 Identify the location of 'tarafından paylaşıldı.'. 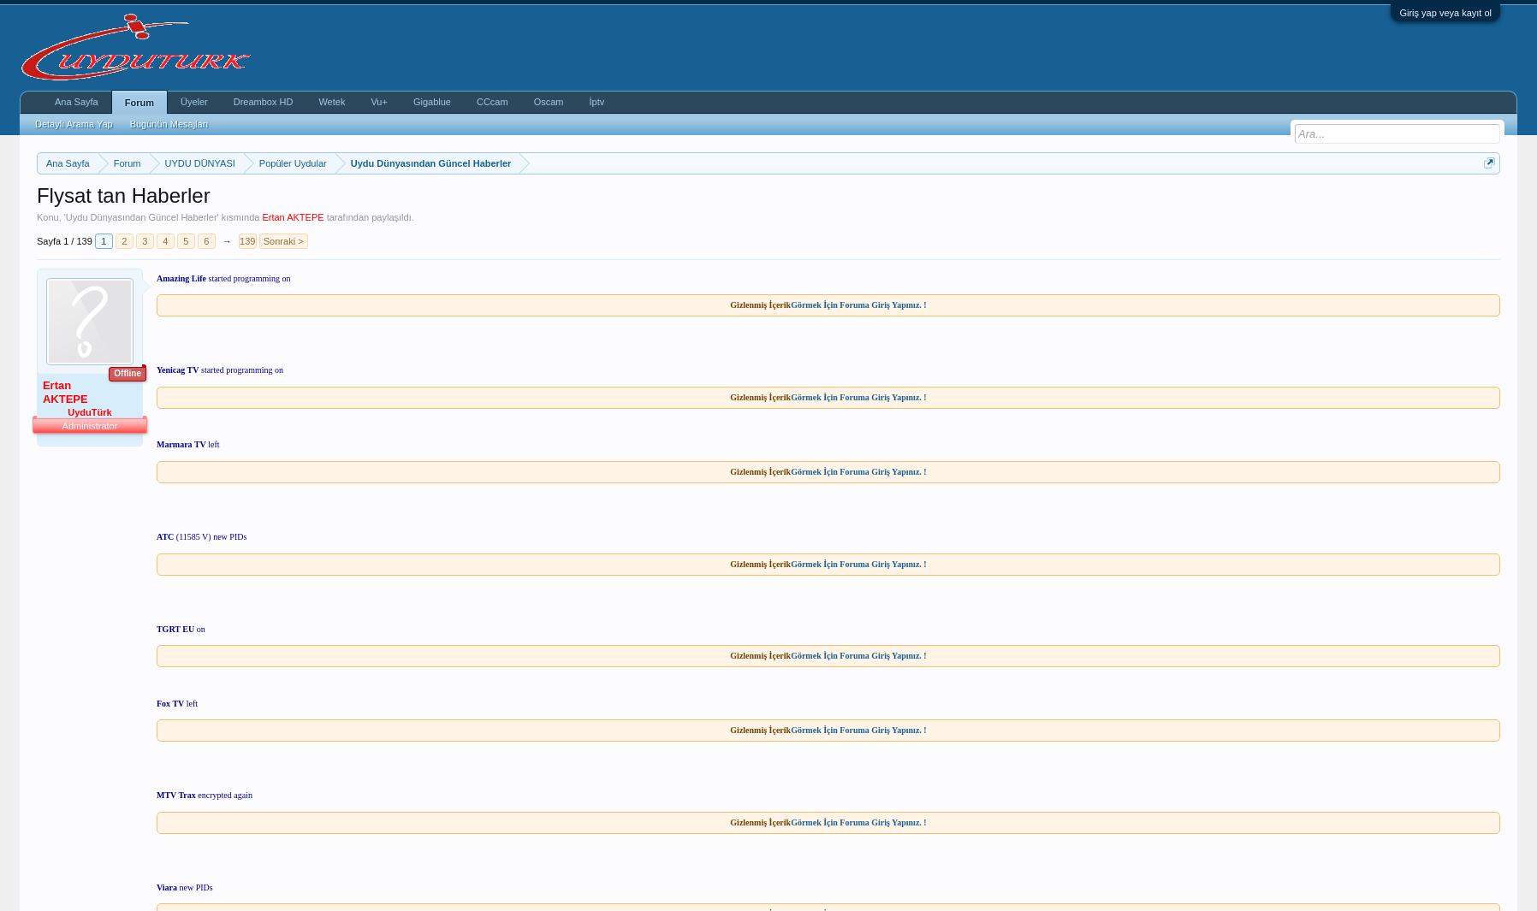
(323, 216).